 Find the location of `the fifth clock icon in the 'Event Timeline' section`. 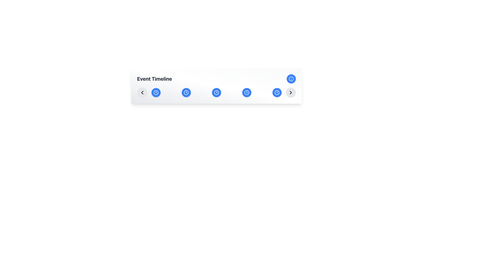

the fifth clock icon in the 'Event Timeline' section is located at coordinates (216, 93).